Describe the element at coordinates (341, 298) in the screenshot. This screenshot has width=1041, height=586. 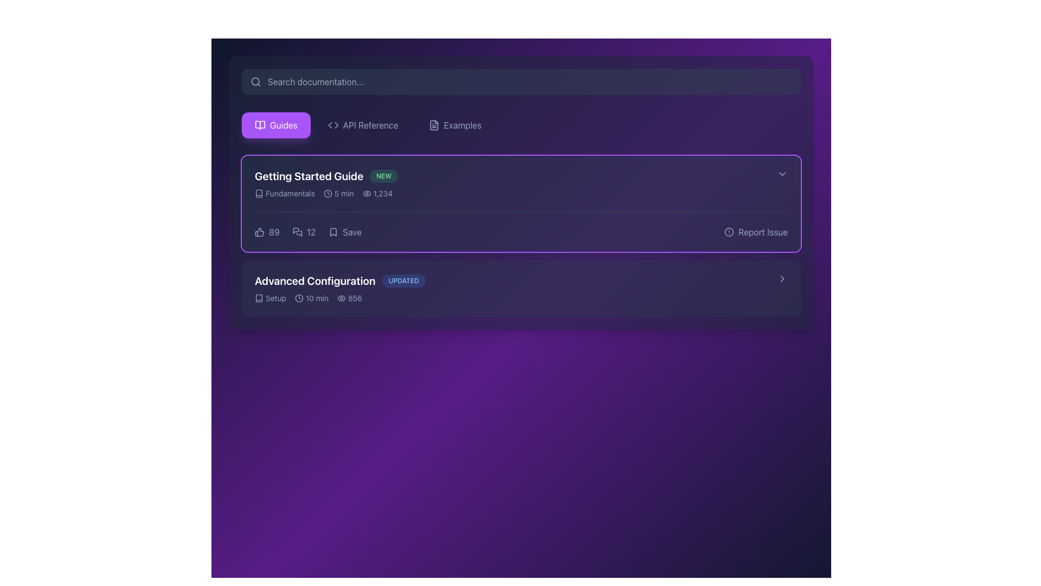
I see `the eye icon representing the view counter located to the left of the number '856' in the 'Advanced Configuration' section` at that location.